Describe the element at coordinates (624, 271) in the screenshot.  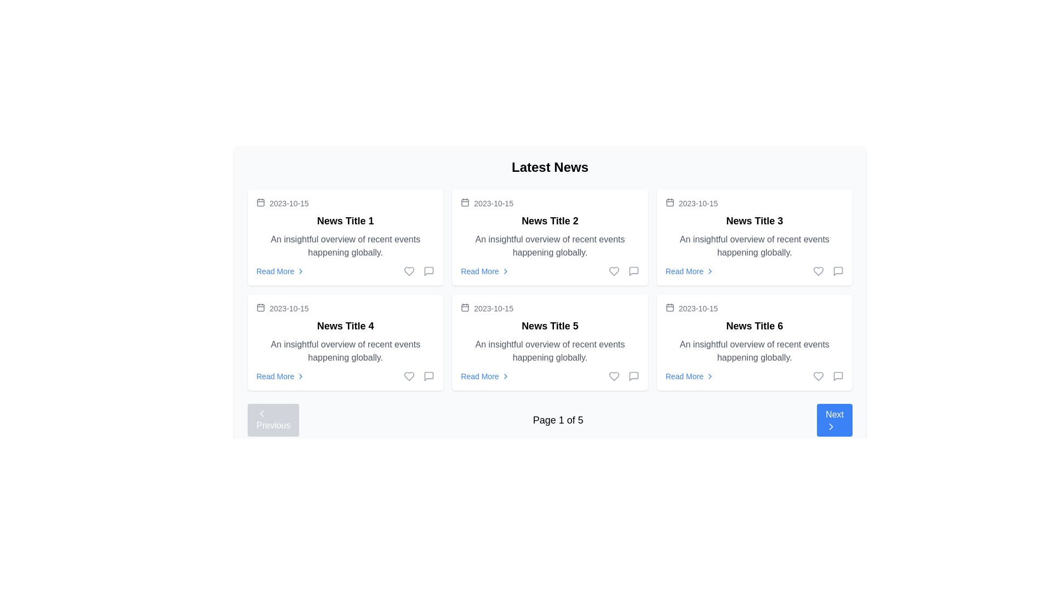
I see `the message square icon in the Icon group located at the bottom of the second news article to comment on the associated article` at that location.